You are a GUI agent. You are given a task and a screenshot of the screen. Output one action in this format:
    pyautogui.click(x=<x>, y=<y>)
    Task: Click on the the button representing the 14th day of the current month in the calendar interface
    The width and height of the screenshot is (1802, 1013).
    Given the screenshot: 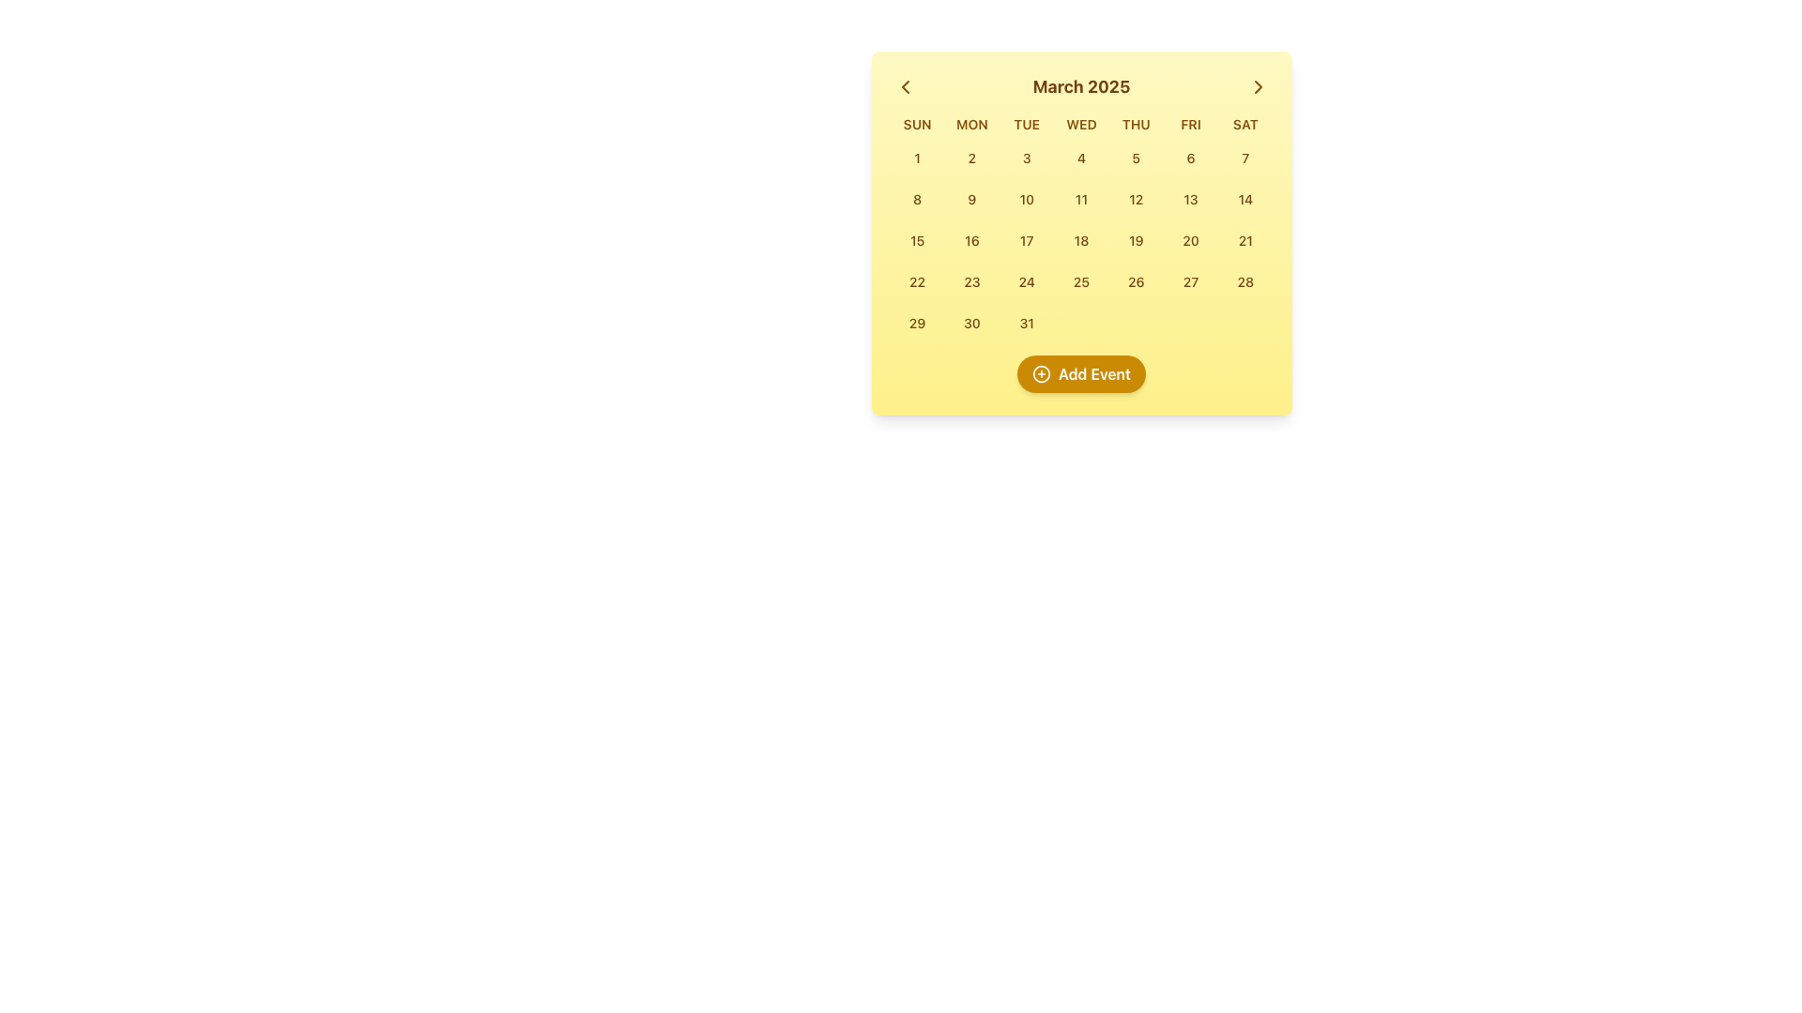 What is the action you would take?
    pyautogui.click(x=1245, y=199)
    